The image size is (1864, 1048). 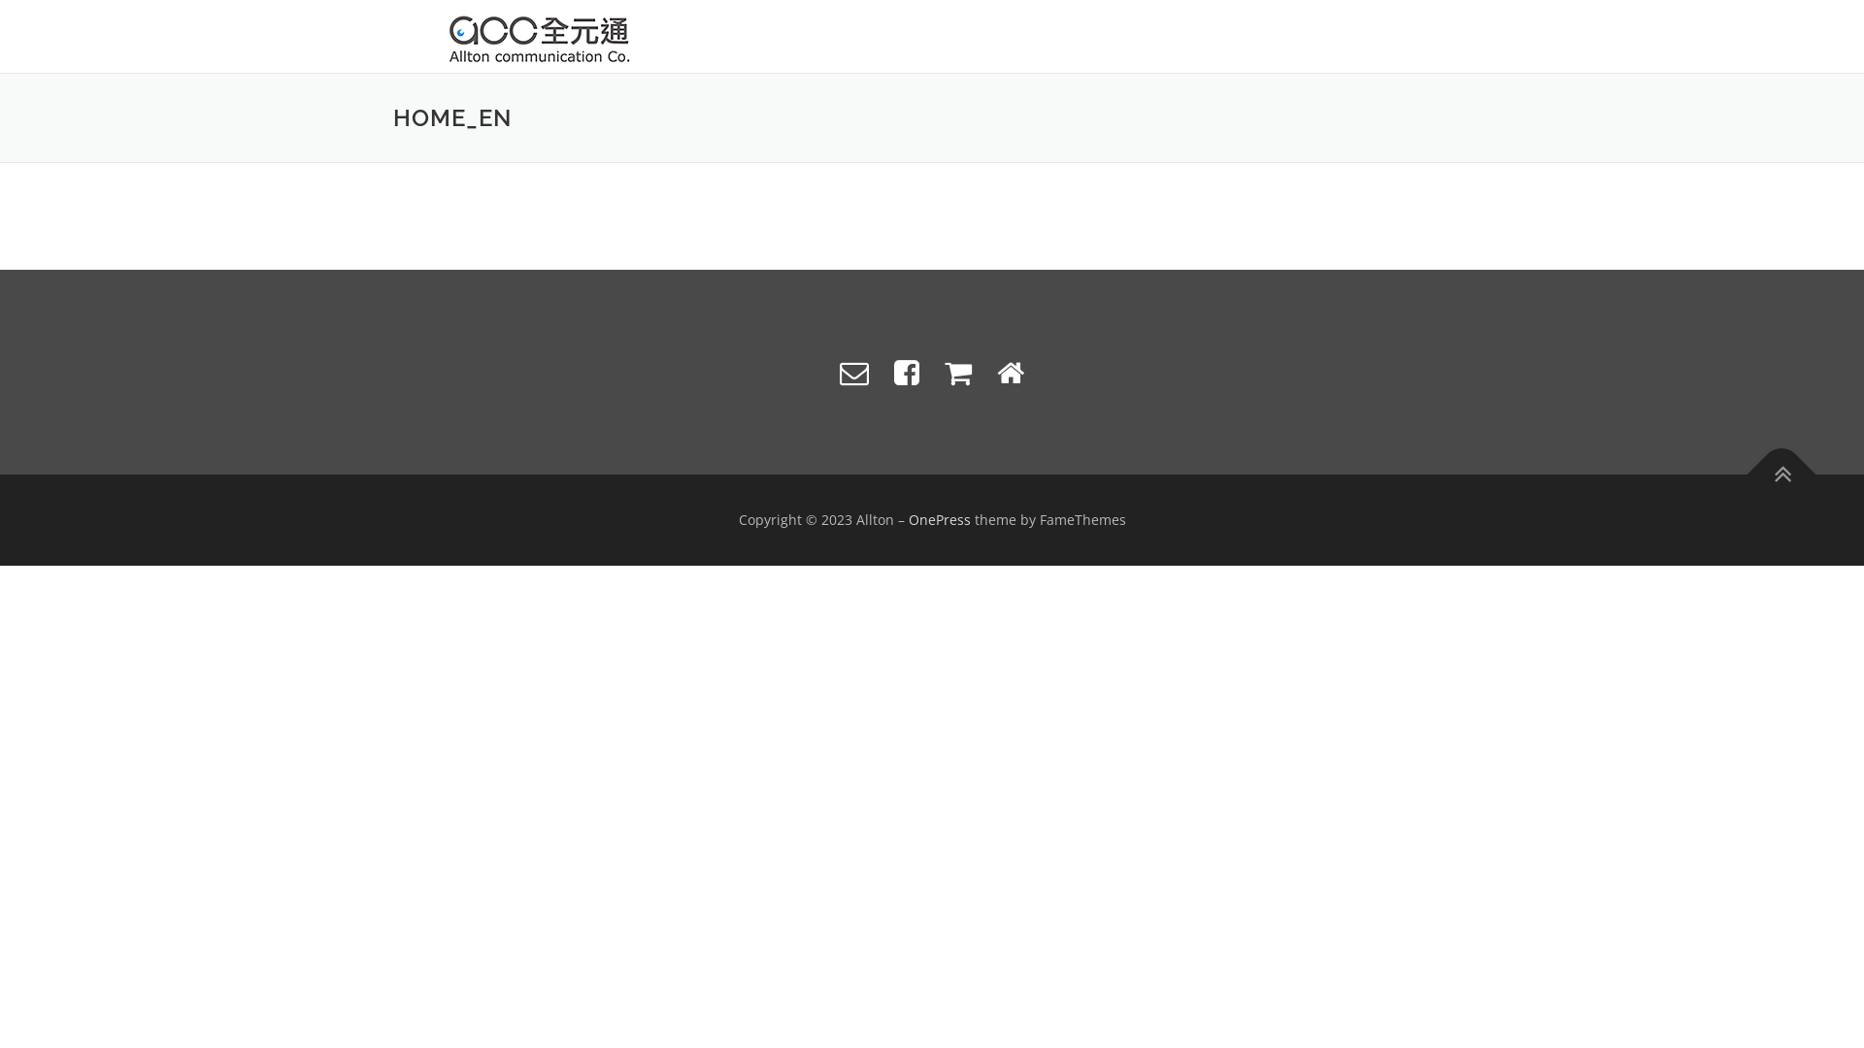 I want to click on 'email', so click(x=853, y=372).